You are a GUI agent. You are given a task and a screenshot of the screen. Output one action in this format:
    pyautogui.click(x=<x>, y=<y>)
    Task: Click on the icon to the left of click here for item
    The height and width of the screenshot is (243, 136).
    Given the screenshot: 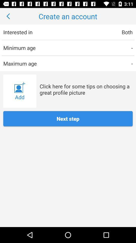 What is the action you would take?
    pyautogui.click(x=19, y=91)
    